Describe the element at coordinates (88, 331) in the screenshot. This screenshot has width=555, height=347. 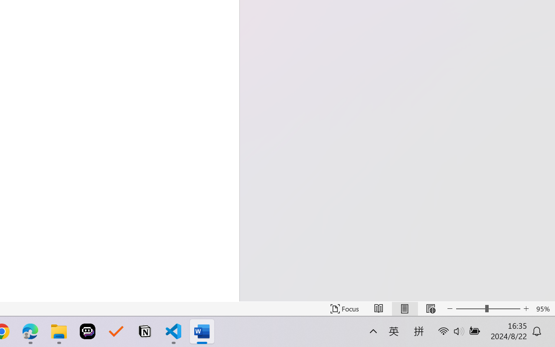
I see `'Poe'` at that location.